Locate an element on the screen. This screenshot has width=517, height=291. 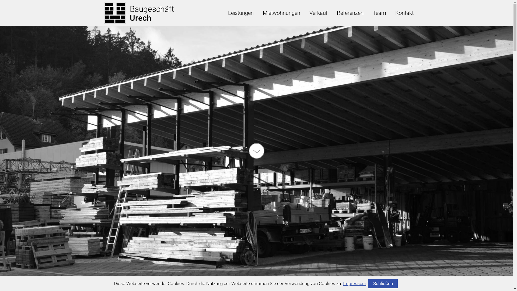
'Mietwohnungen' is located at coordinates (281, 12).